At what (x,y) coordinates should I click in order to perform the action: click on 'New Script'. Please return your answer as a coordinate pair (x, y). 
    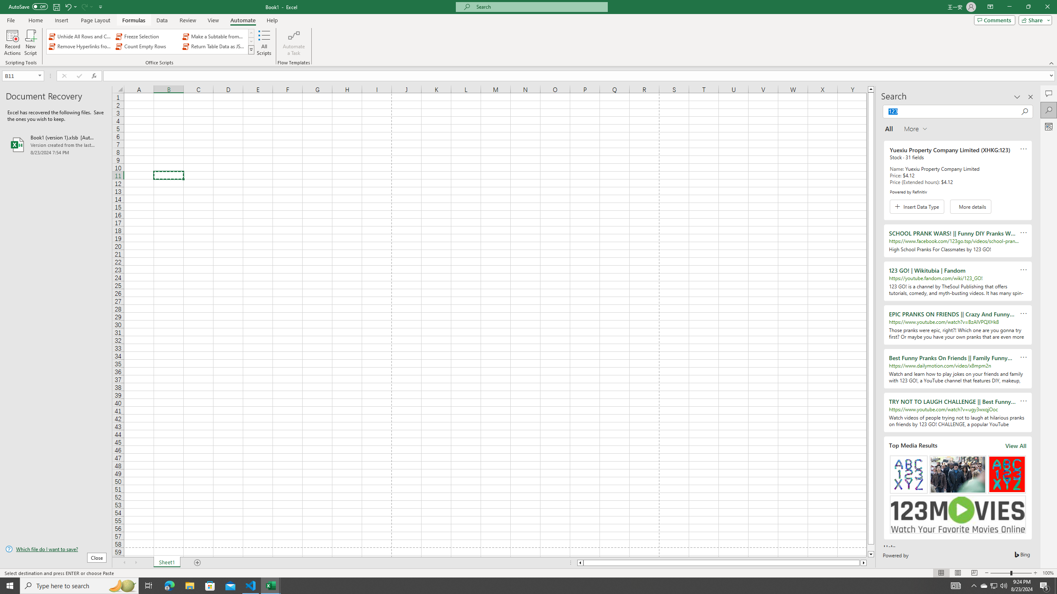
    Looking at the image, I should click on (30, 42).